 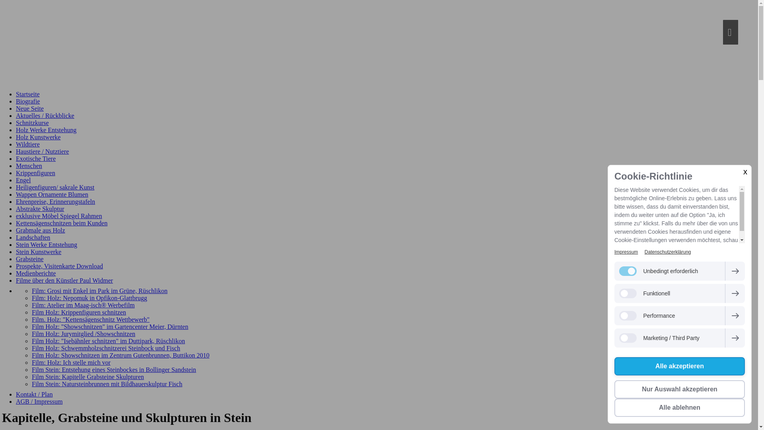 What do you see at coordinates (51, 194) in the screenshot?
I see `'Wappen Ornamente Blumen'` at bounding box center [51, 194].